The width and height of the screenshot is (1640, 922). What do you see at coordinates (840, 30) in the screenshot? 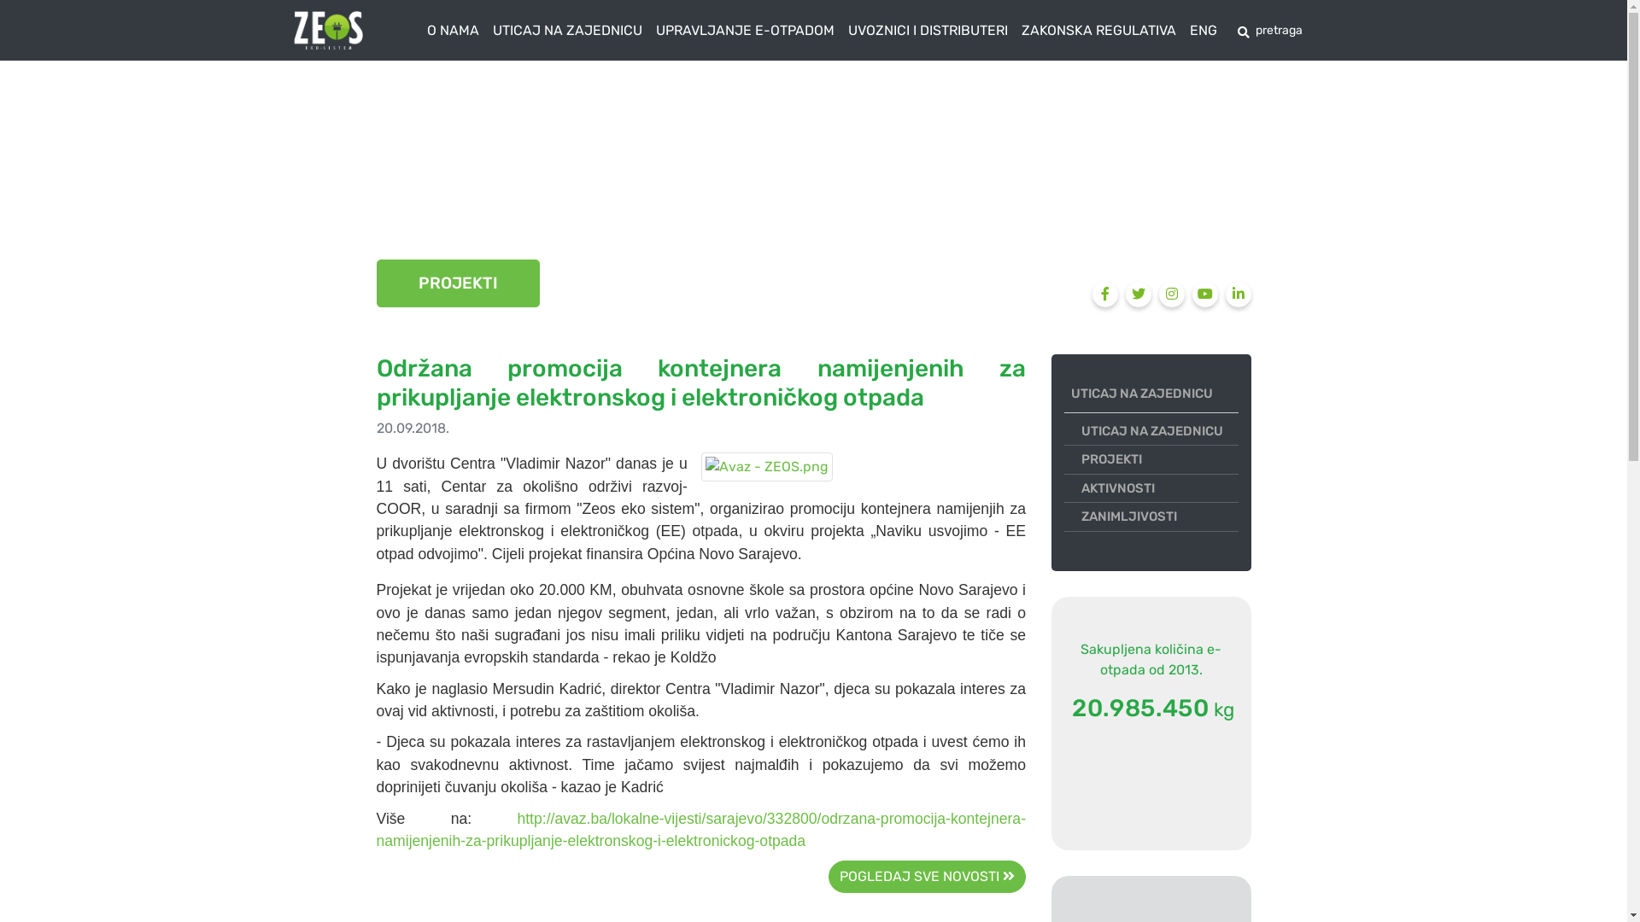
I see `'UVOZNICI I DISTRIBUTERI'` at bounding box center [840, 30].